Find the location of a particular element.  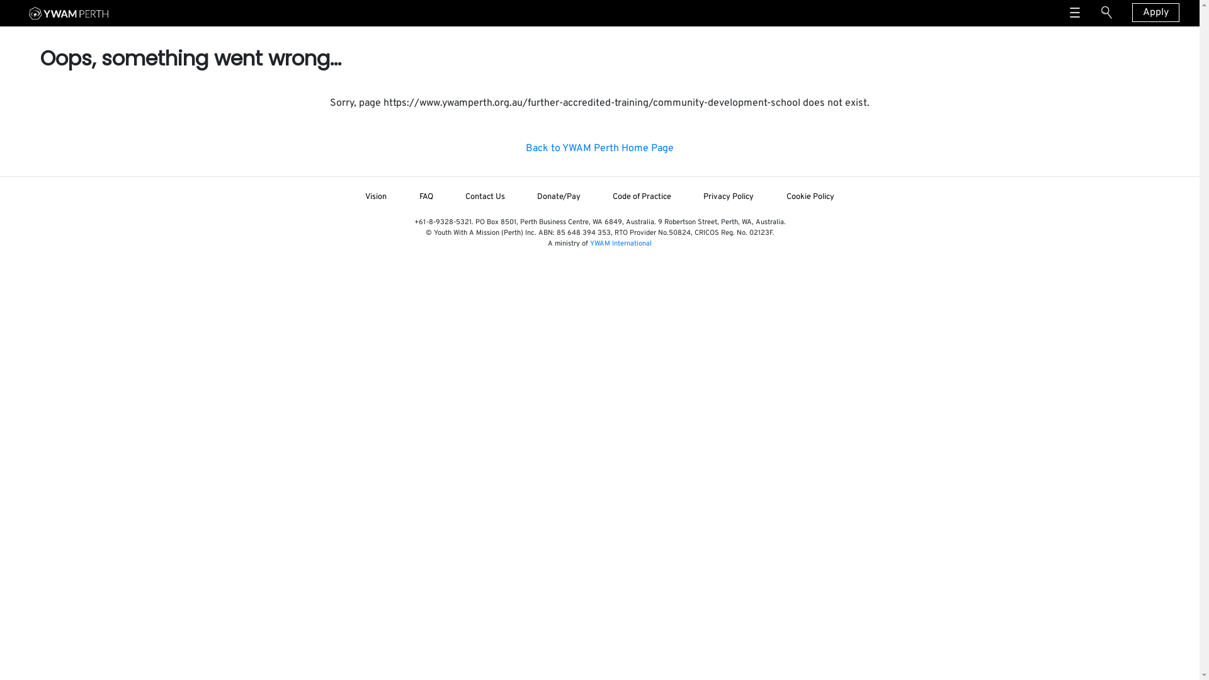

'Back to YWAM Perth Home Page' is located at coordinates (599, 147).